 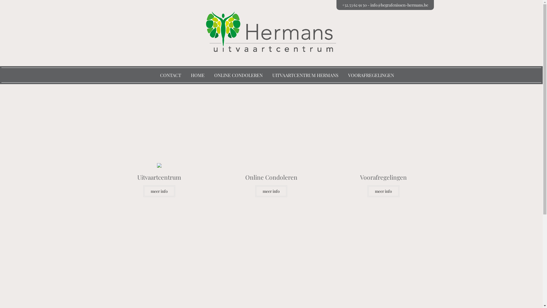 I want to click on 'UITVAARTCENTRUM HERMANS', so click(x=305, y=75).